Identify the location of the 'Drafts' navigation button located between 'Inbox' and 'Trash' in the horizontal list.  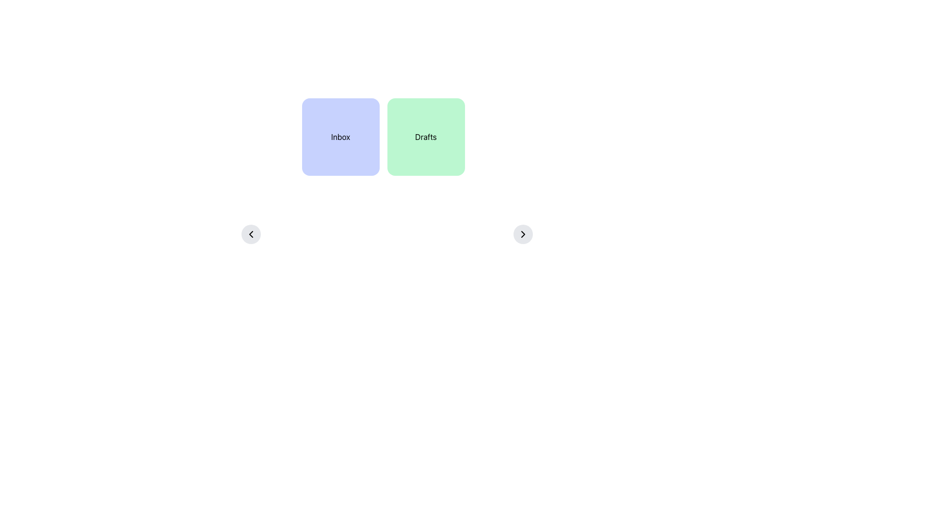
(426, 137).